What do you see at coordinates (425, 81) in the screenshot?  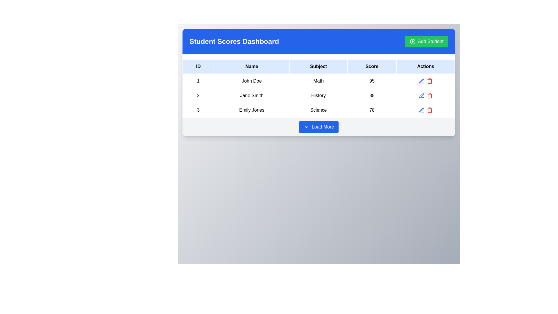 I see `the edit icon in the Action Button Group associated with the first row of the data table containing details for ID: 1, Name: John Doe, Subject: Math, Score: 95` at bounding box center [425, 81].